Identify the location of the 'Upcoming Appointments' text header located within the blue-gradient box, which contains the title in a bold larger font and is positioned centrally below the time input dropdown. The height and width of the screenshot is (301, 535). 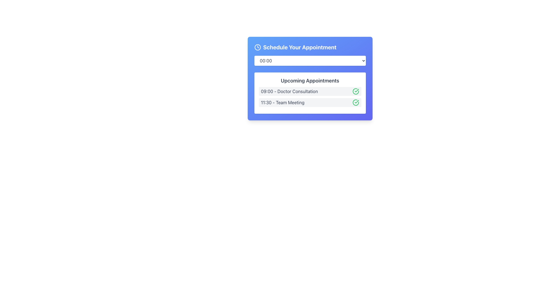
(310, 78).